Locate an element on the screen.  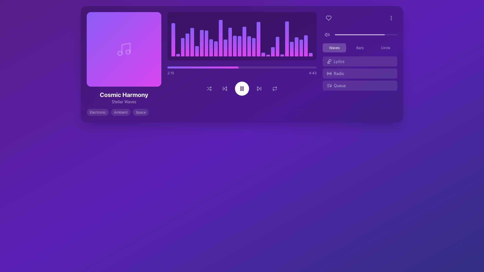
the small circular shape within the musical note icon located in the top-left section of the media player interface, specifically the rightmost circle of the two circular shapes is located at coordinates (128, 52).